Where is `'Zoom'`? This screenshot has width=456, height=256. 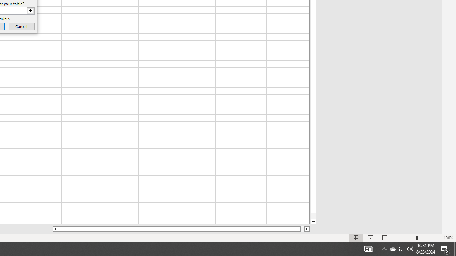 'Zoom' is located at coordinates (416, 238).